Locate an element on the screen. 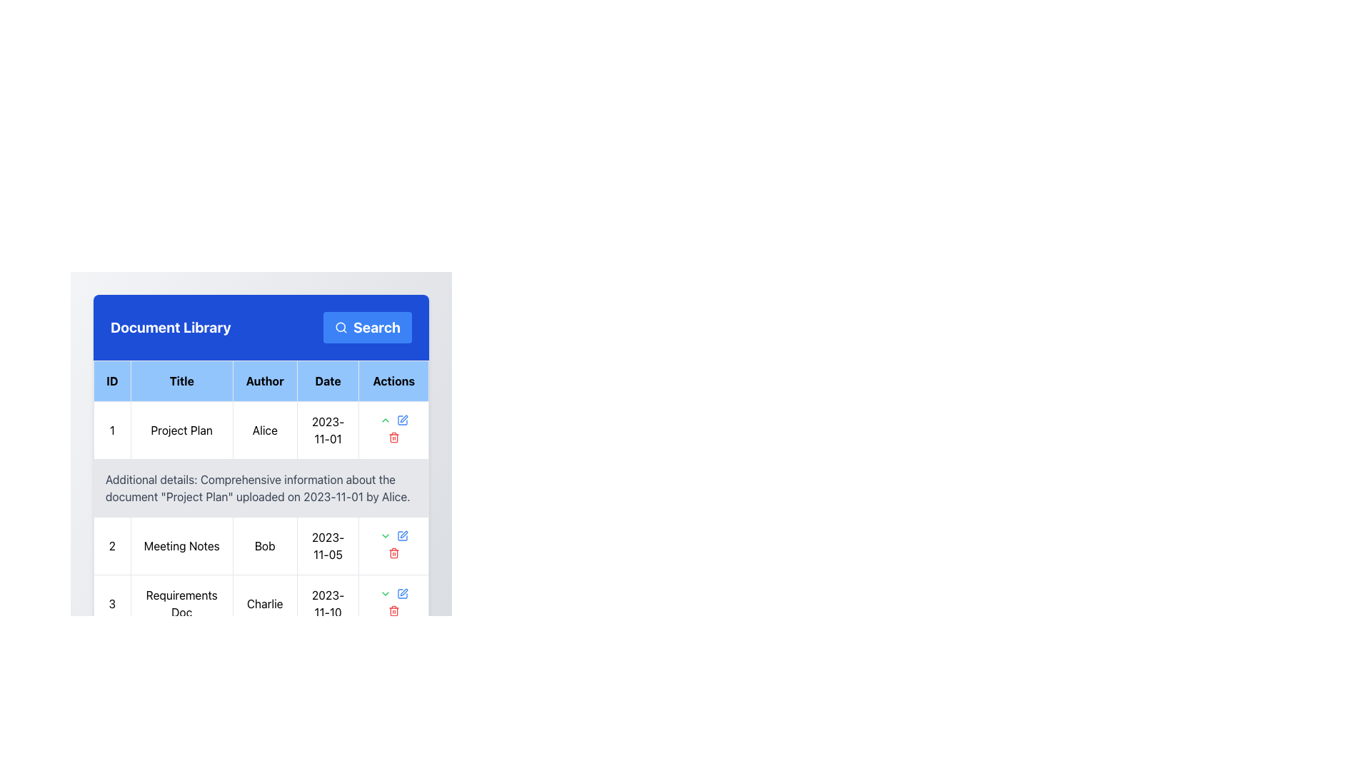  the 'Author' label in the third row of the table that shows the author's name associated with the document entry is located at coordinates (265, 603).